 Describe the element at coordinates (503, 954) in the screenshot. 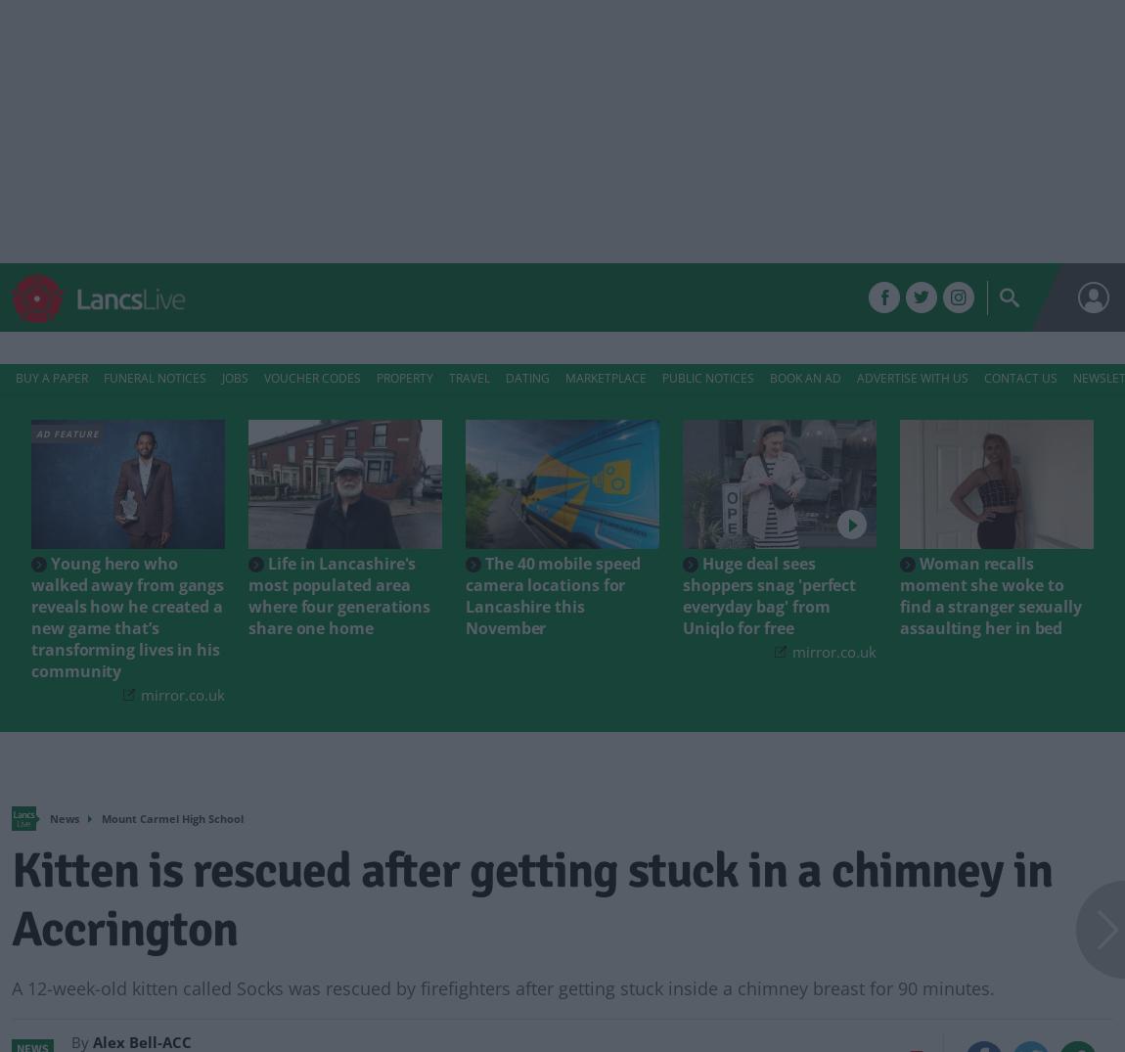

I see `'A 12-week-old kitten called Socks was rescued by firefighters after getting stuck inside a chimney breast for 90 minutes.'` at that location.